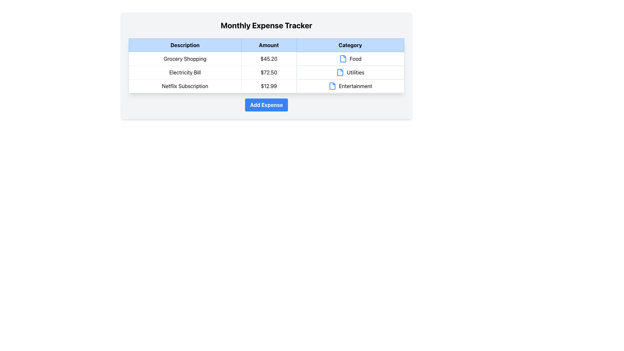  What do you see at coordinates (266, 72) in the screenshot?
I see `the second row of the Monthly Expense Tracker table, which displays an expense record with its description, amount, and category, for further actions or details` at bounding box center [266, 72].